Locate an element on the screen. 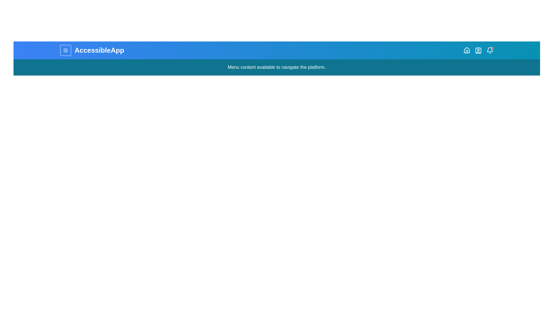  the Home icon to navigate to the home page is located at coordinates (467, 50).